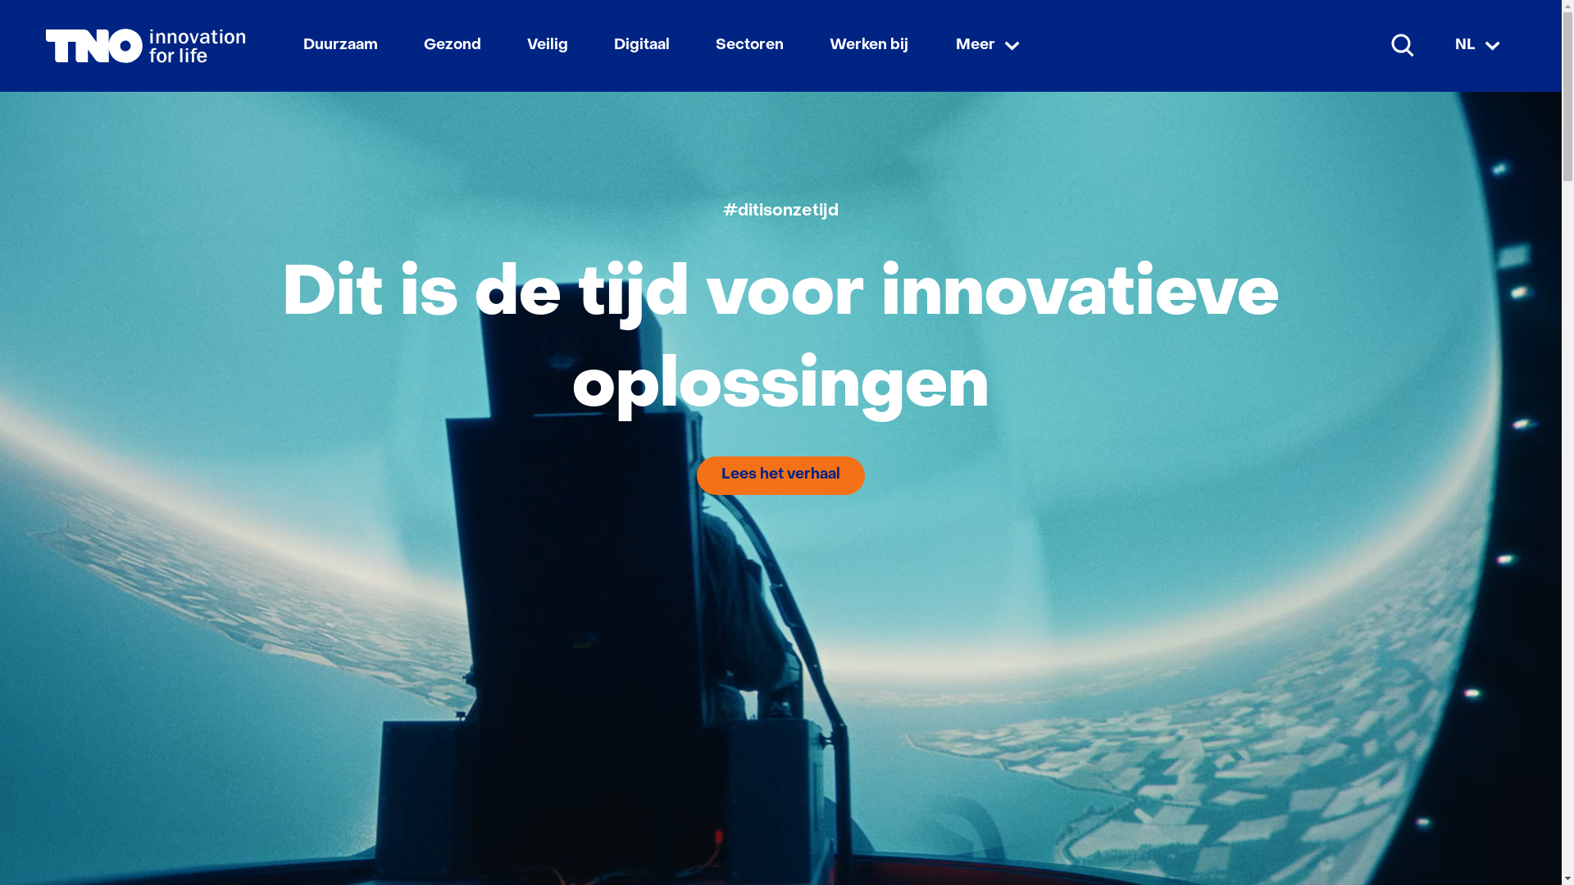  What do you see at coordinates (412, 45) in the screenshot?
I see `'Gezond'` at bounding box center [412, 45].